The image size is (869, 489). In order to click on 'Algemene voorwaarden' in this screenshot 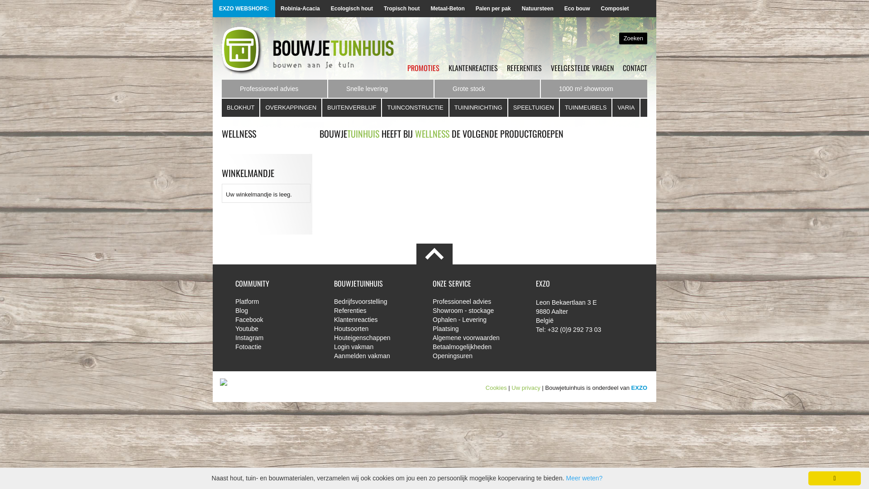, I will do `click(475, 337)`.